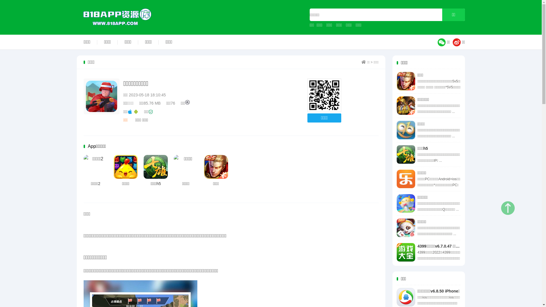 The image size is (546, 307). I want to click on 'http://www.818app.com', so click(309, 95).